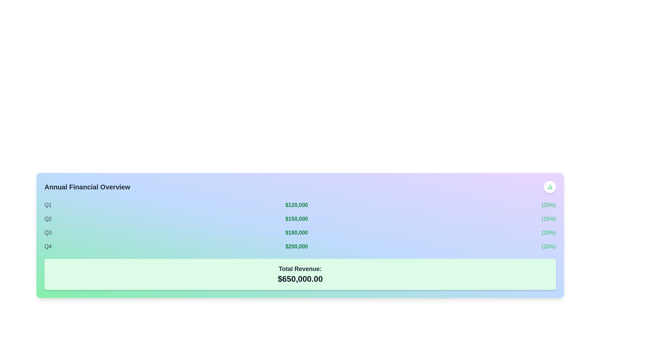 The image size is (647, 364). Describe the element at coordinates (48, 205) in the screenshot. I see `the text label reading 'Q1'` at that location.